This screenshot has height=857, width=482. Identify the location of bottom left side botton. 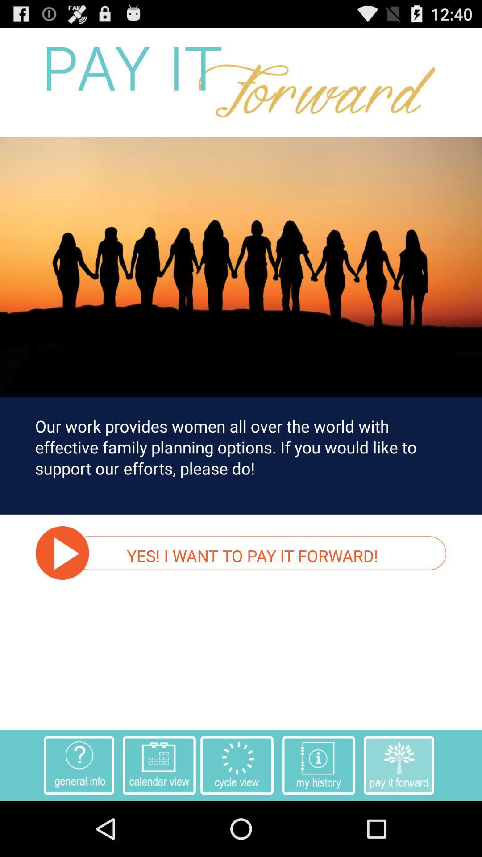
(79, 765).